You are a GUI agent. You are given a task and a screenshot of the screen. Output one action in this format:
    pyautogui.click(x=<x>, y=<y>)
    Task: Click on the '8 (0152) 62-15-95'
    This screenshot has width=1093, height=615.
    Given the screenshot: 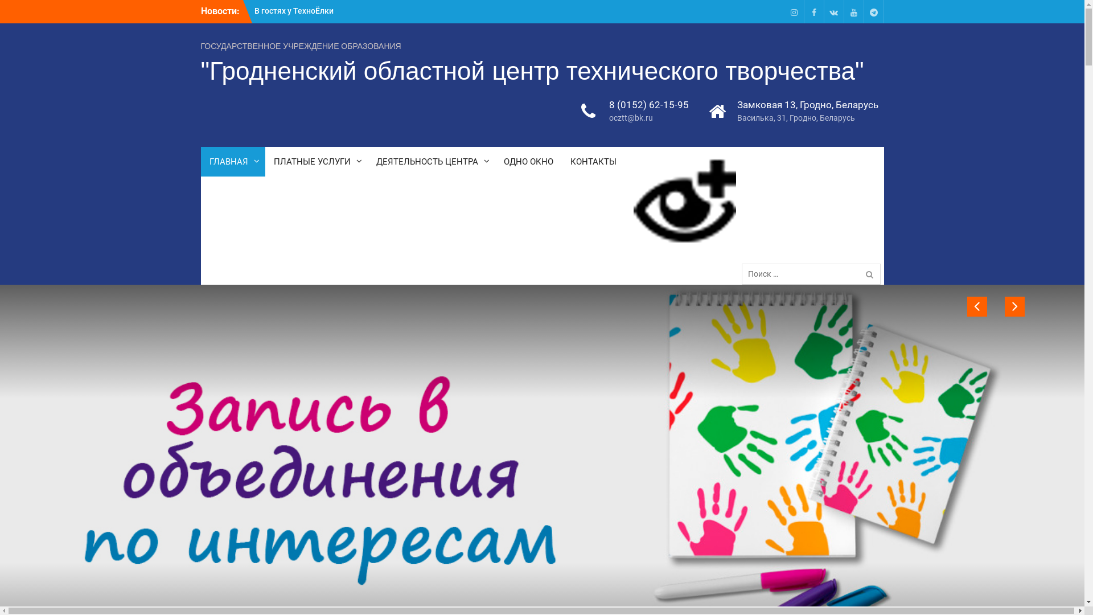 What is the action you would take?
    pyautogui.click(x=648, y=105)
    